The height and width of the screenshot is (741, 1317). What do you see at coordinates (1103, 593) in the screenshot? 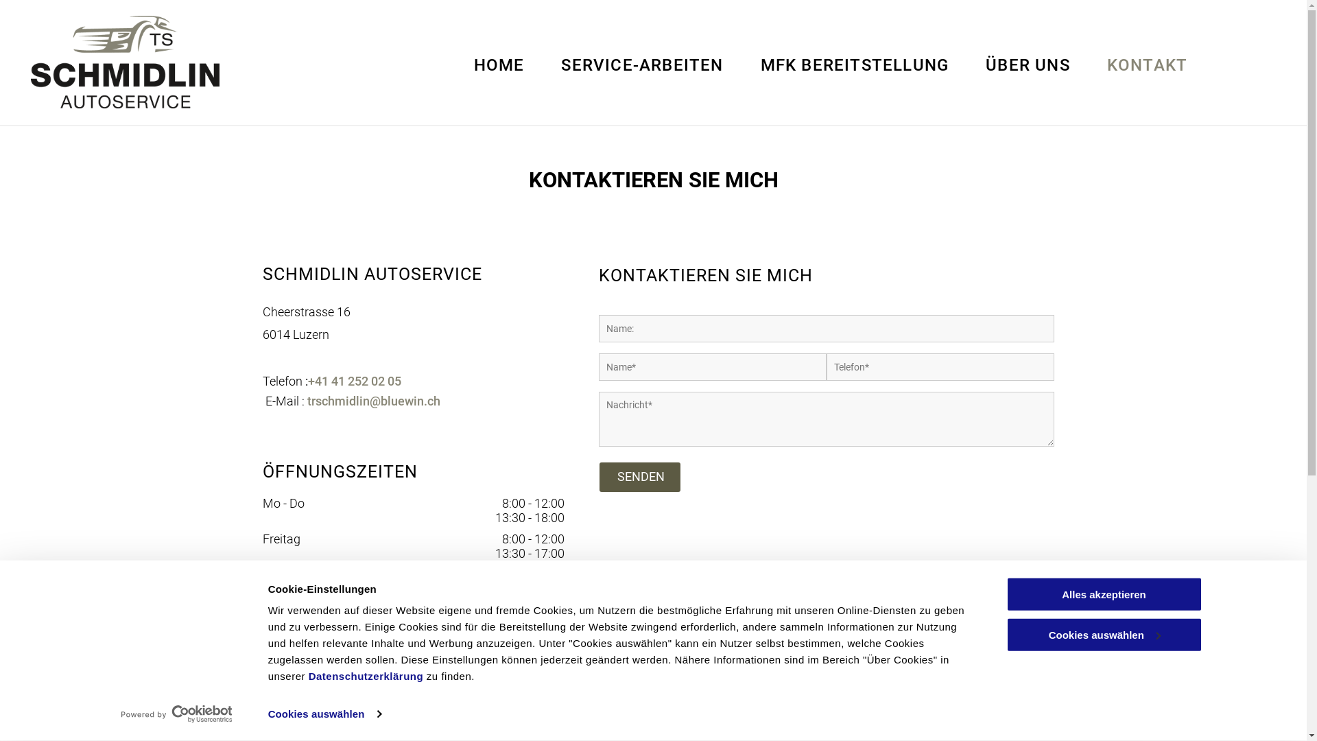
I see `'Alles akzeptieren'` at bounding box center [1103, 593].